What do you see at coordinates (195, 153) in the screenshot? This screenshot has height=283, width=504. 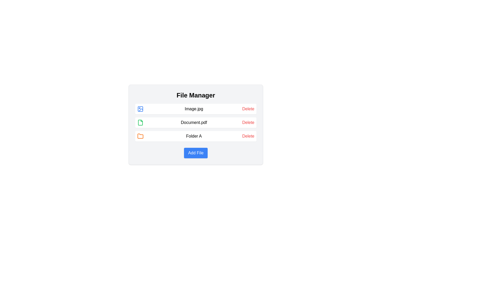 I see `the 'Add File' button, which is a rectangular button with a blue background and white text, located at the bottom-center of the file management interface` at bounding box center [195, 153].